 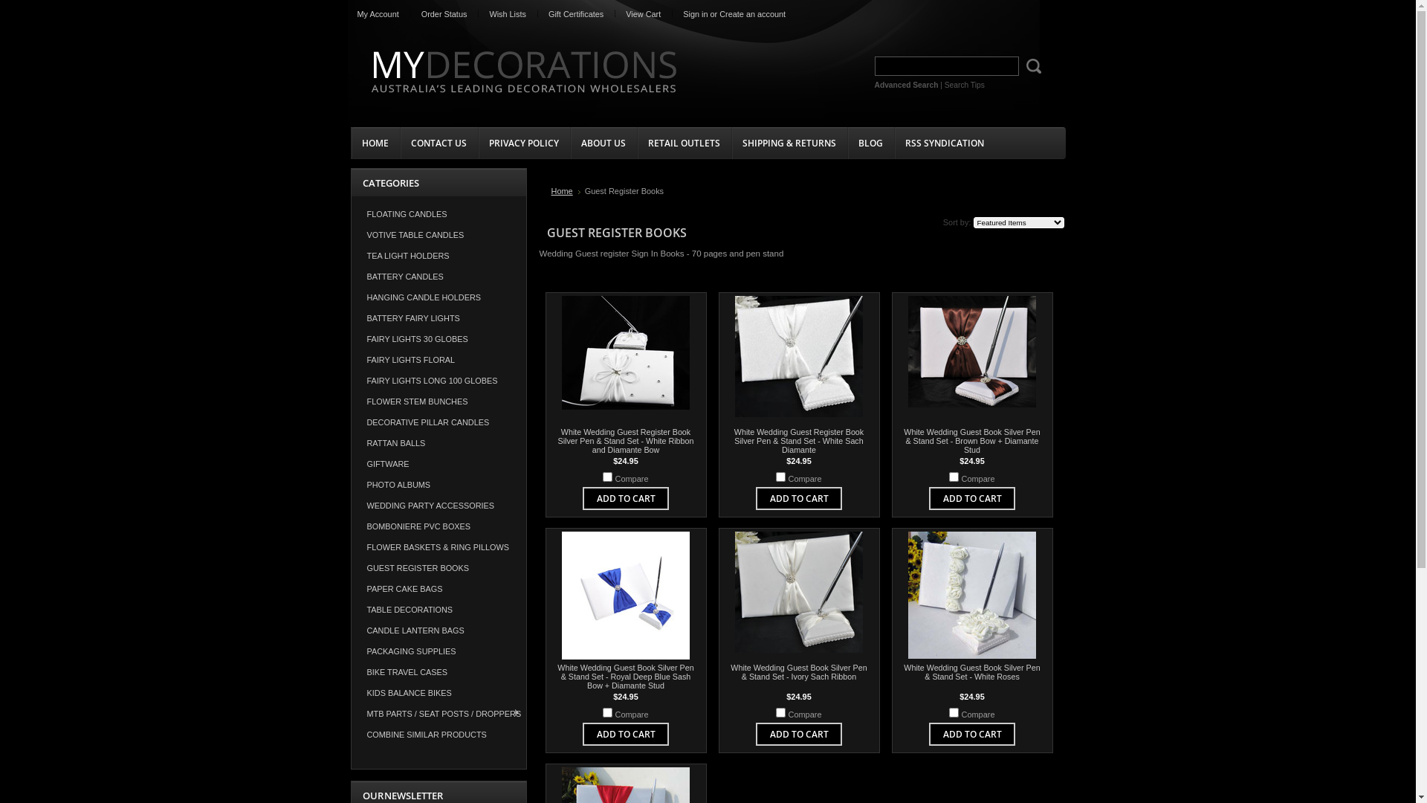 I want to click on 'Wish Lists', so click(x=478, y=14).